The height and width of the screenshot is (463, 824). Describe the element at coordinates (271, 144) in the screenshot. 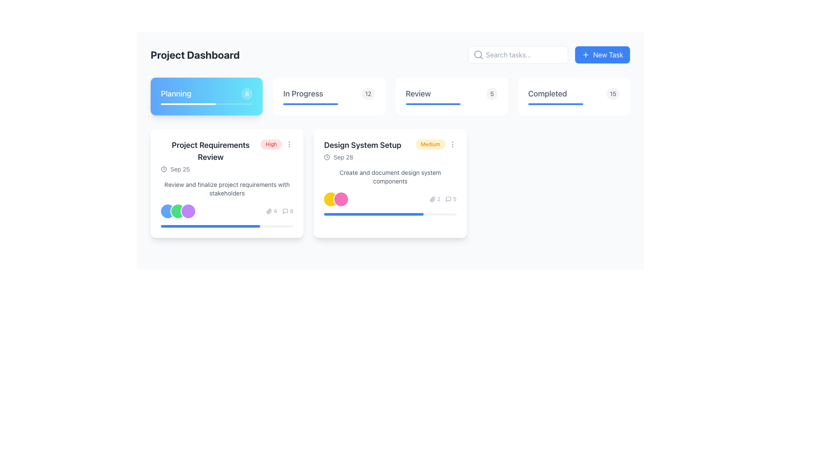

I see `the small, pill-shaped label displaying 'High' in red font located at the top-right corner of the 'Project Requirements Review' card` at that location.